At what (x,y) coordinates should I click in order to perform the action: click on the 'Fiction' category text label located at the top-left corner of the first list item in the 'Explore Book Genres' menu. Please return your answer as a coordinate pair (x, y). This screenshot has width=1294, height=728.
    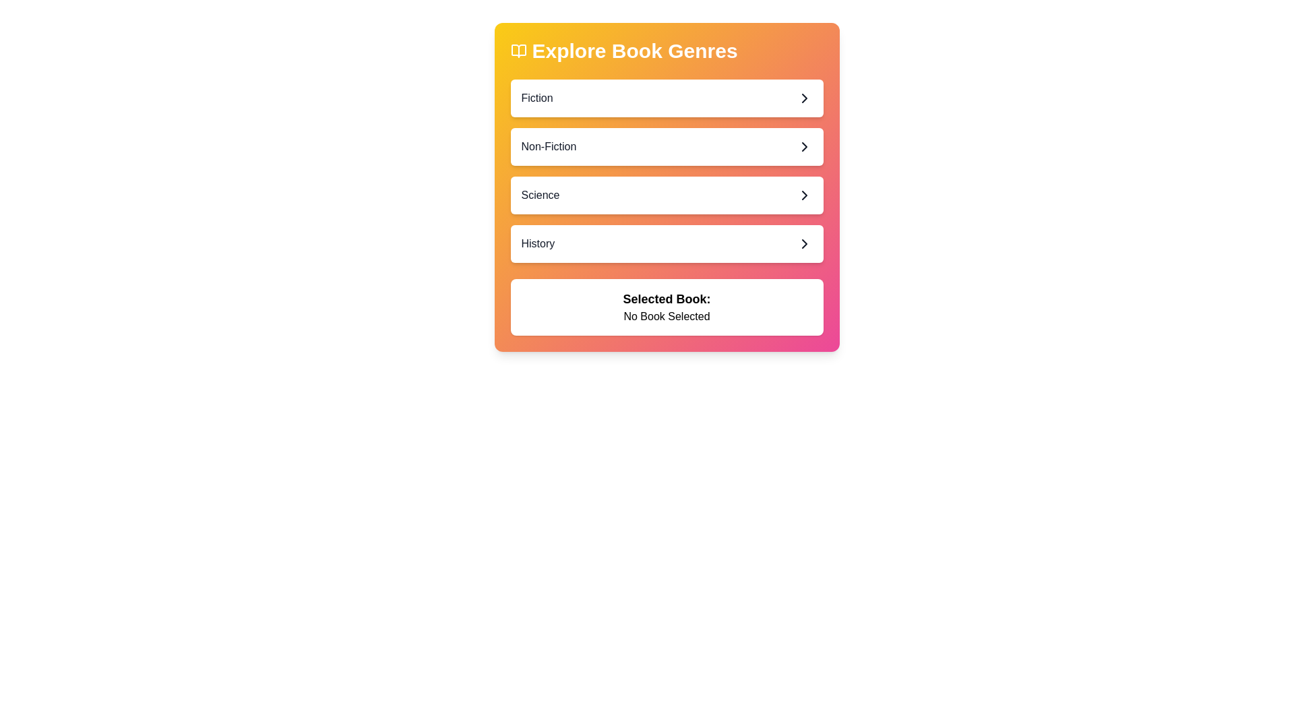
    Looking at the image, I should click on (536, 98).